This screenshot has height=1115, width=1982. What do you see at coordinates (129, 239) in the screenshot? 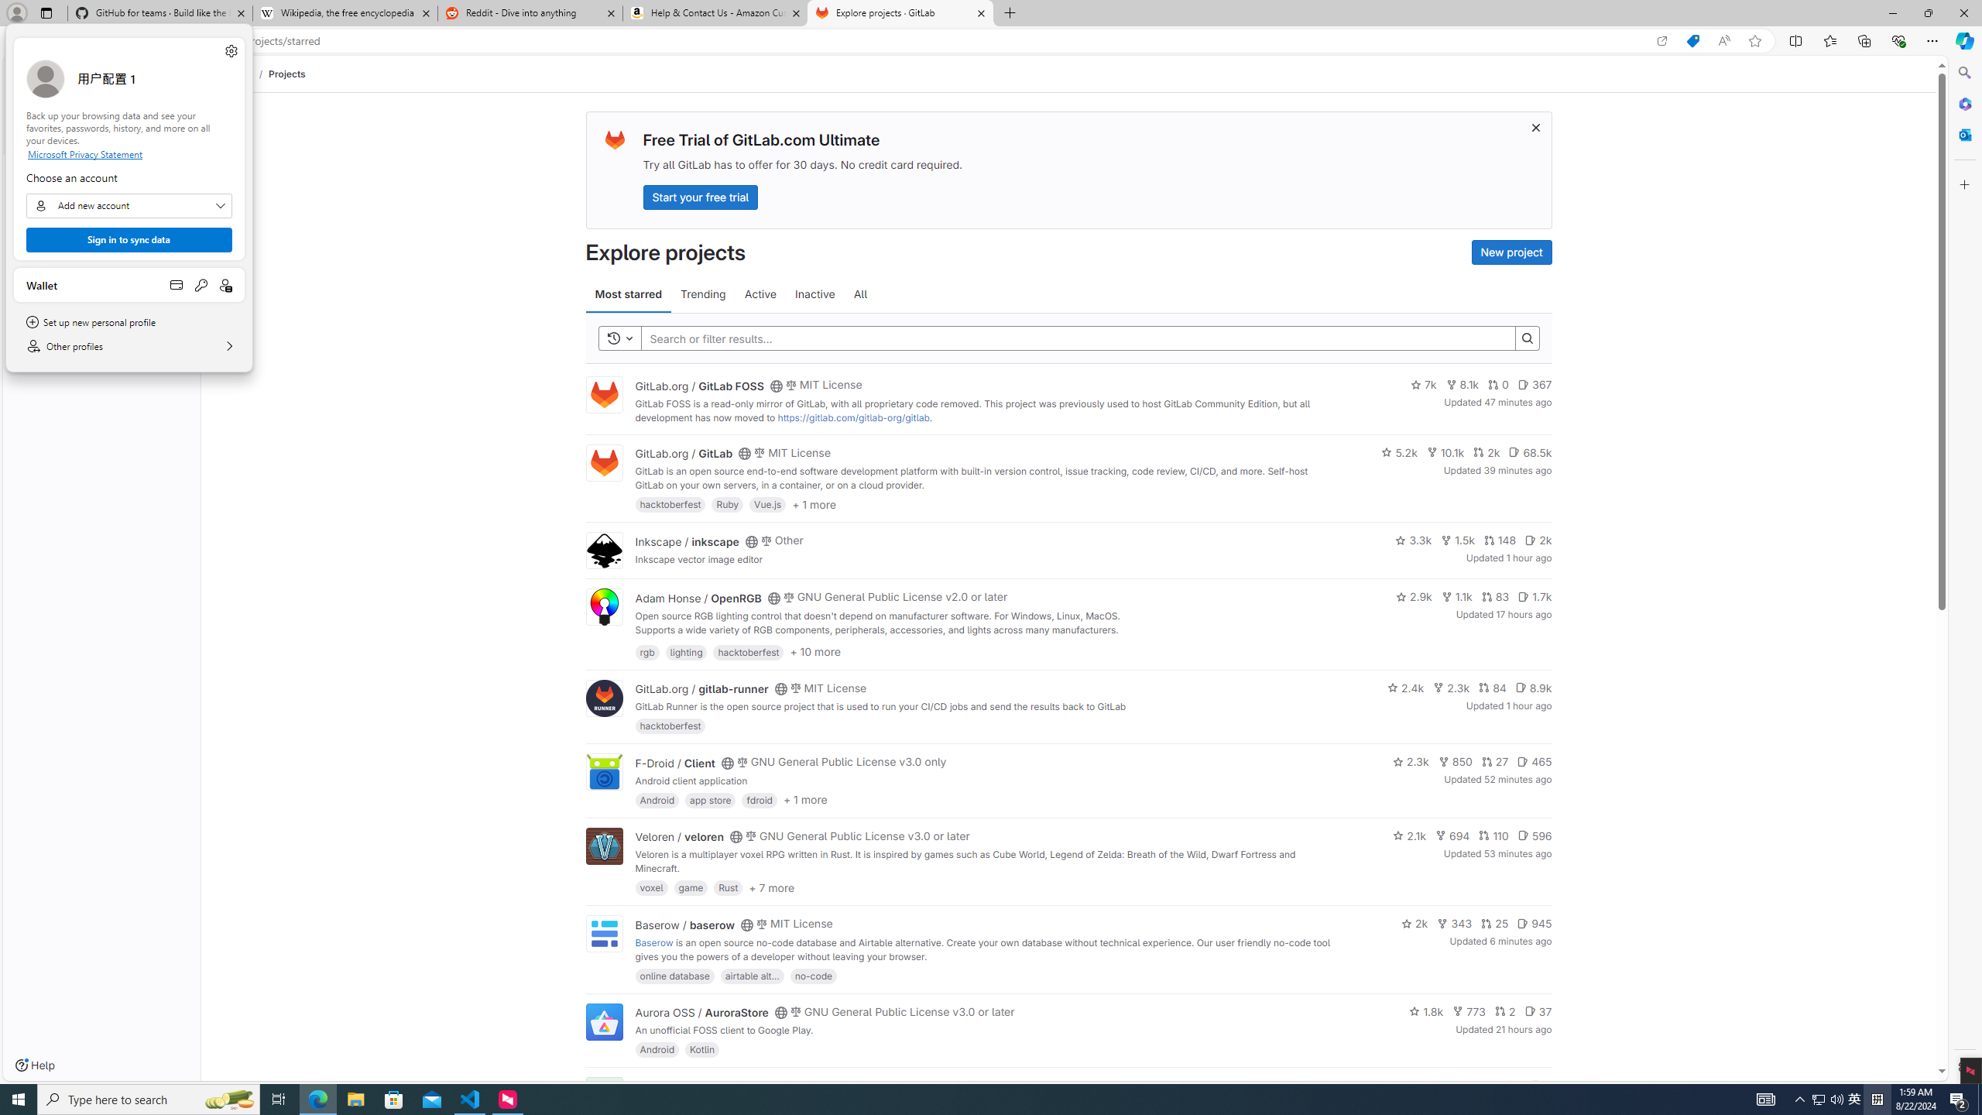
I see `'Sign in to sync data'` at bounding box center [129, 239].